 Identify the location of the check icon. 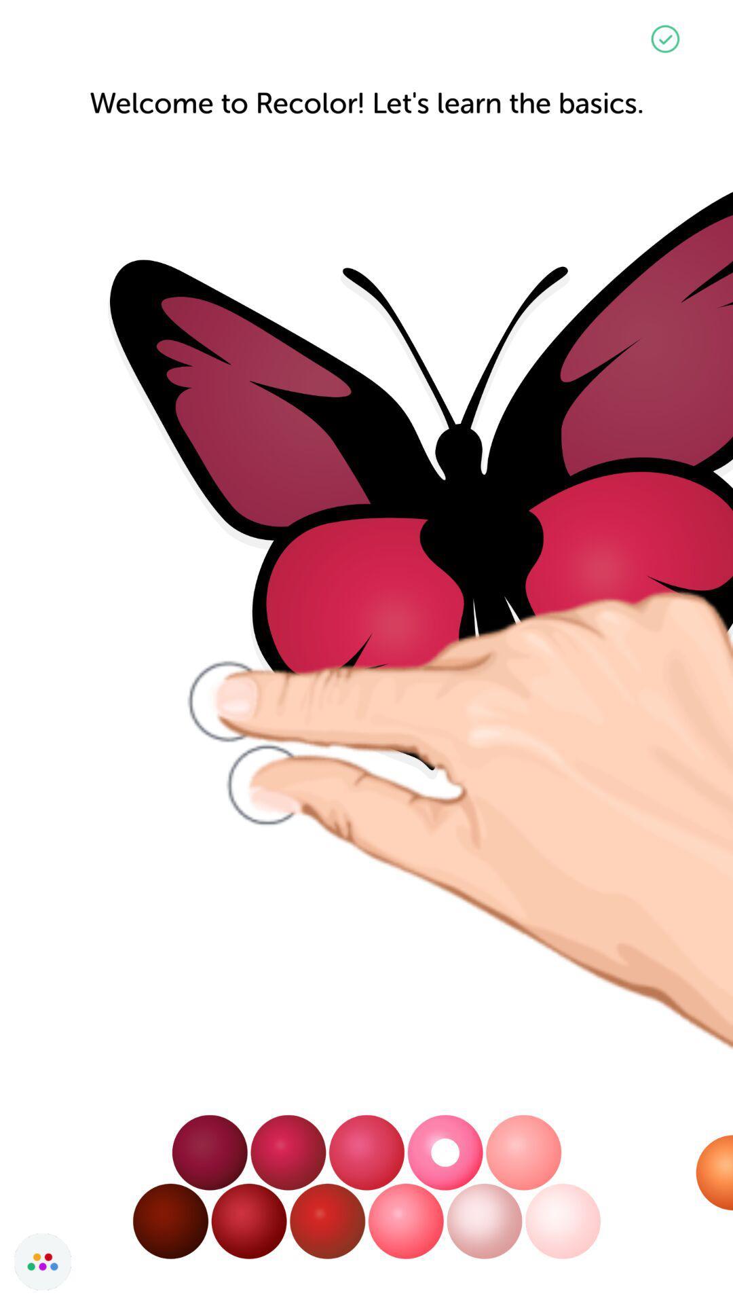
(664, 39).